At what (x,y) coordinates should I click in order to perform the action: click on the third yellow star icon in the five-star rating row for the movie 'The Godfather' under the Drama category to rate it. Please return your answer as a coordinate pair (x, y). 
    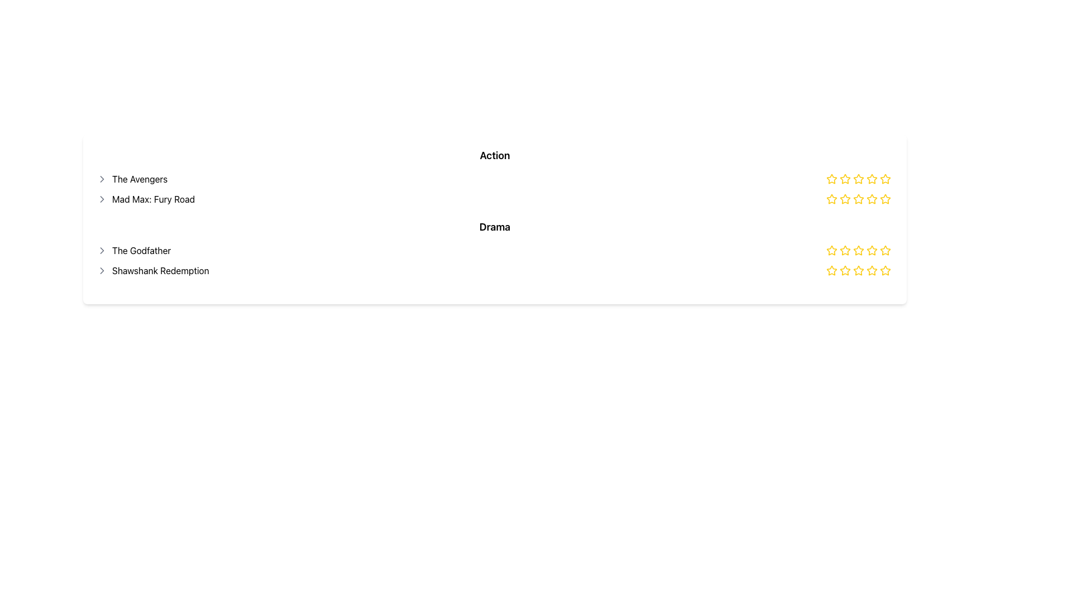
    Looking at the image, I should click on (845, 250).